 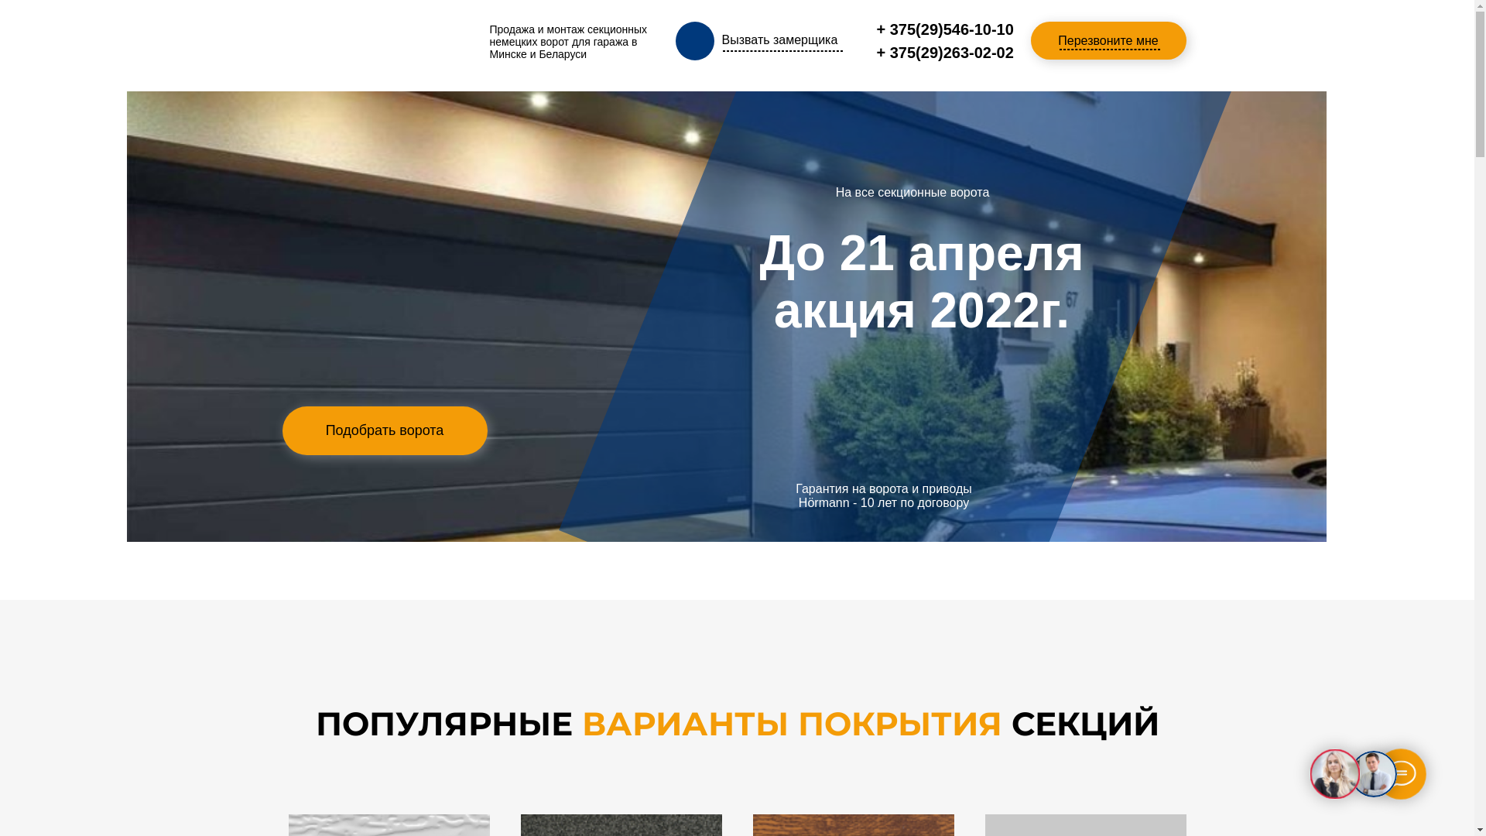 What do you see at coordinates (943, 52) in the screenshot?
I see `'+ 375(29)263-02-02'` at bounding box center [943, 52].